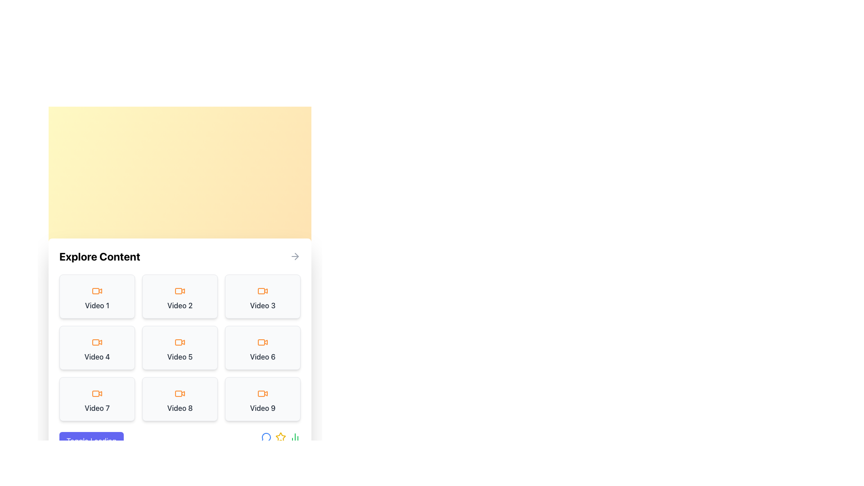 The width and height of the screenshot is (864, 486). What do you see at coordinates (280, 436) in the screenshot?
I see `the star icon with an outer yellow border and a hollow center located at the bottom-right corner of the content area` at bounding box center [280, 436].